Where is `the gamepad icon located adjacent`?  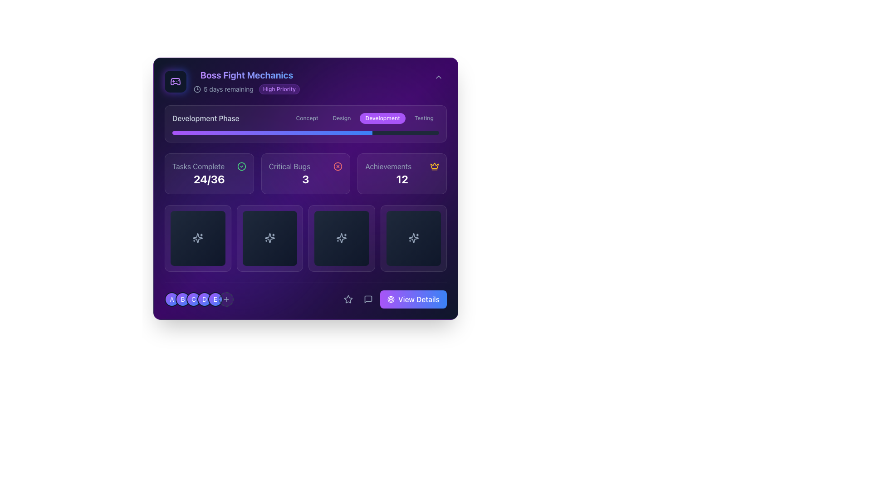
the gamepad icon located adjacent is located at coordinates (176, 82).